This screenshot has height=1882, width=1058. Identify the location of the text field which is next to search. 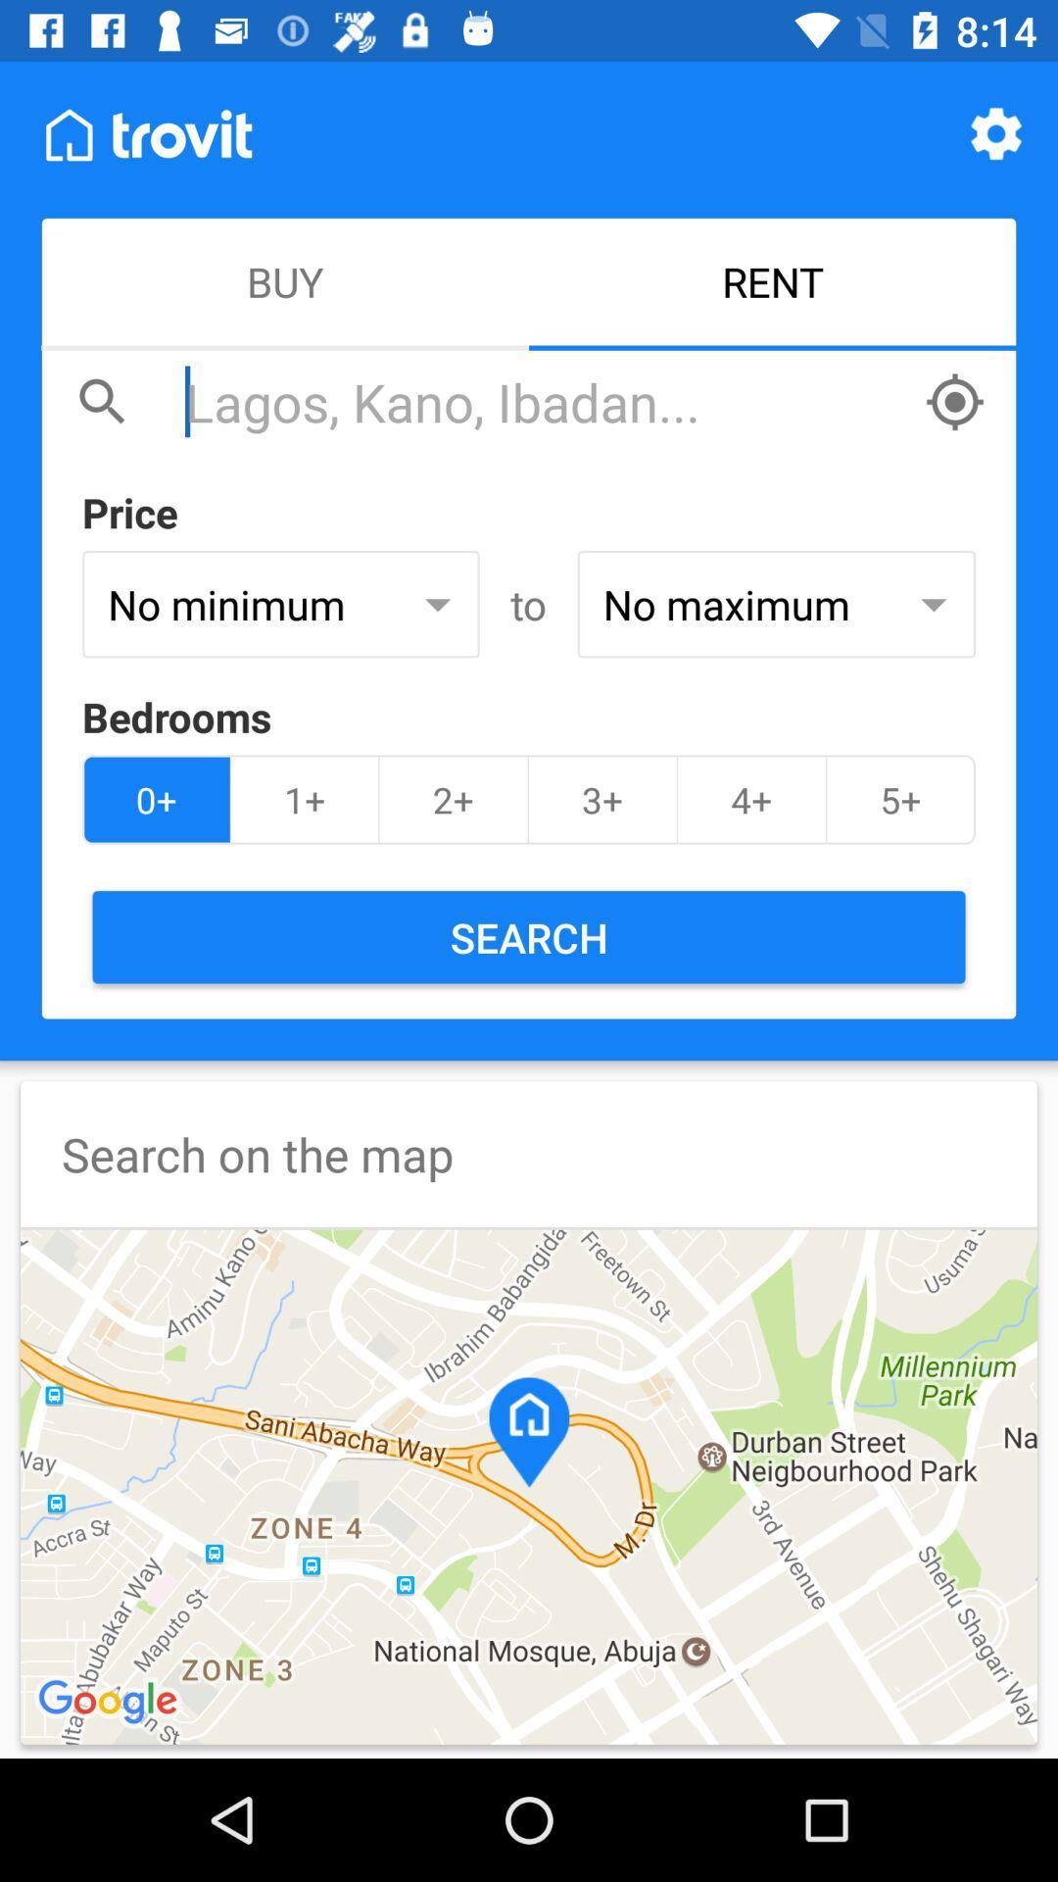
(544, 401).